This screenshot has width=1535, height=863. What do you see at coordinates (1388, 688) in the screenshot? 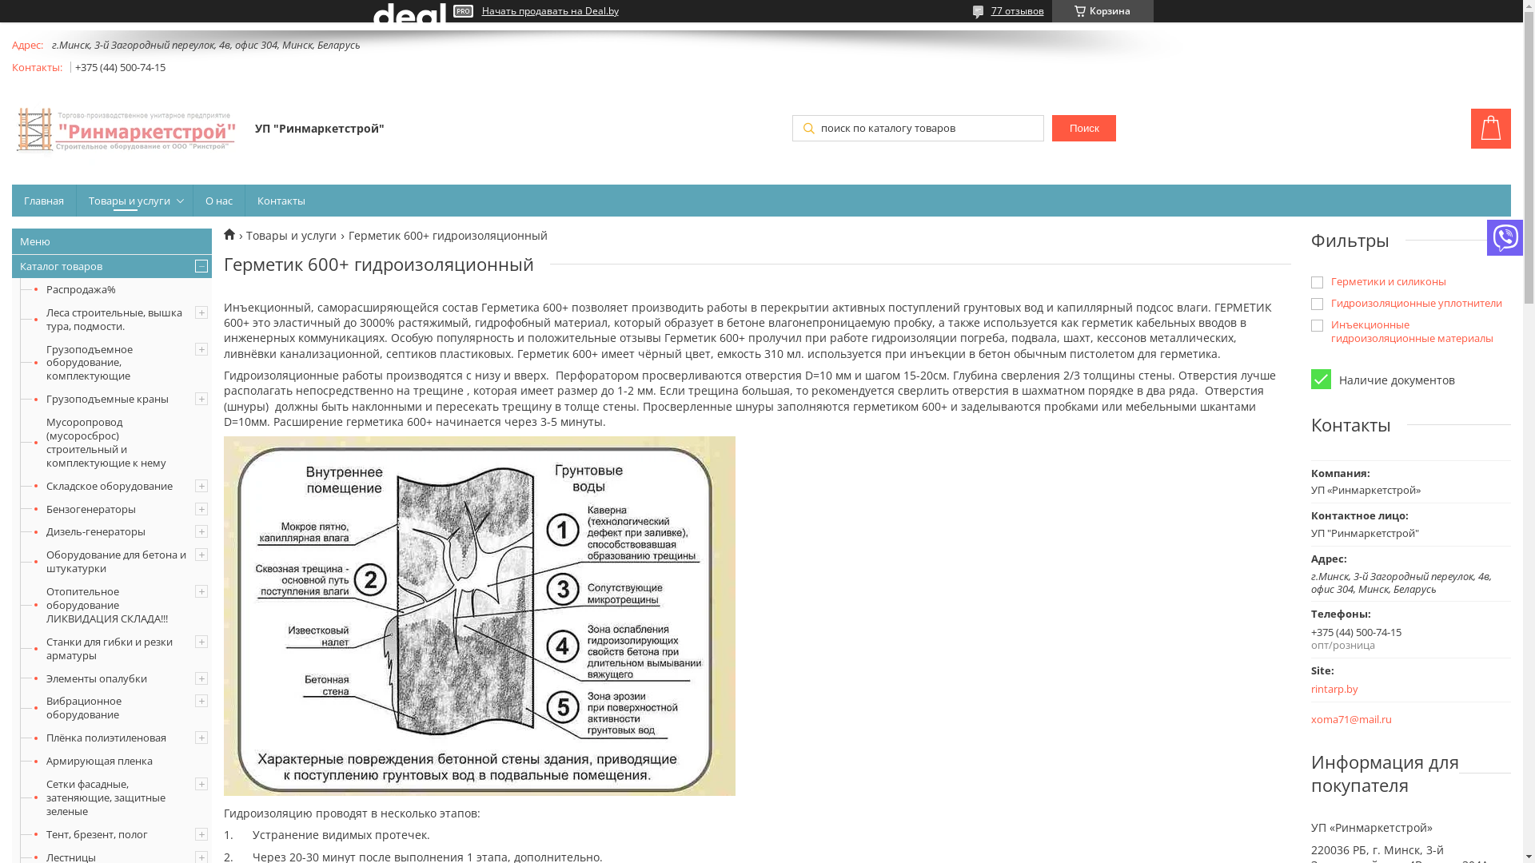
I see `'rintarp.by'` at bounding box center [1388, 688].